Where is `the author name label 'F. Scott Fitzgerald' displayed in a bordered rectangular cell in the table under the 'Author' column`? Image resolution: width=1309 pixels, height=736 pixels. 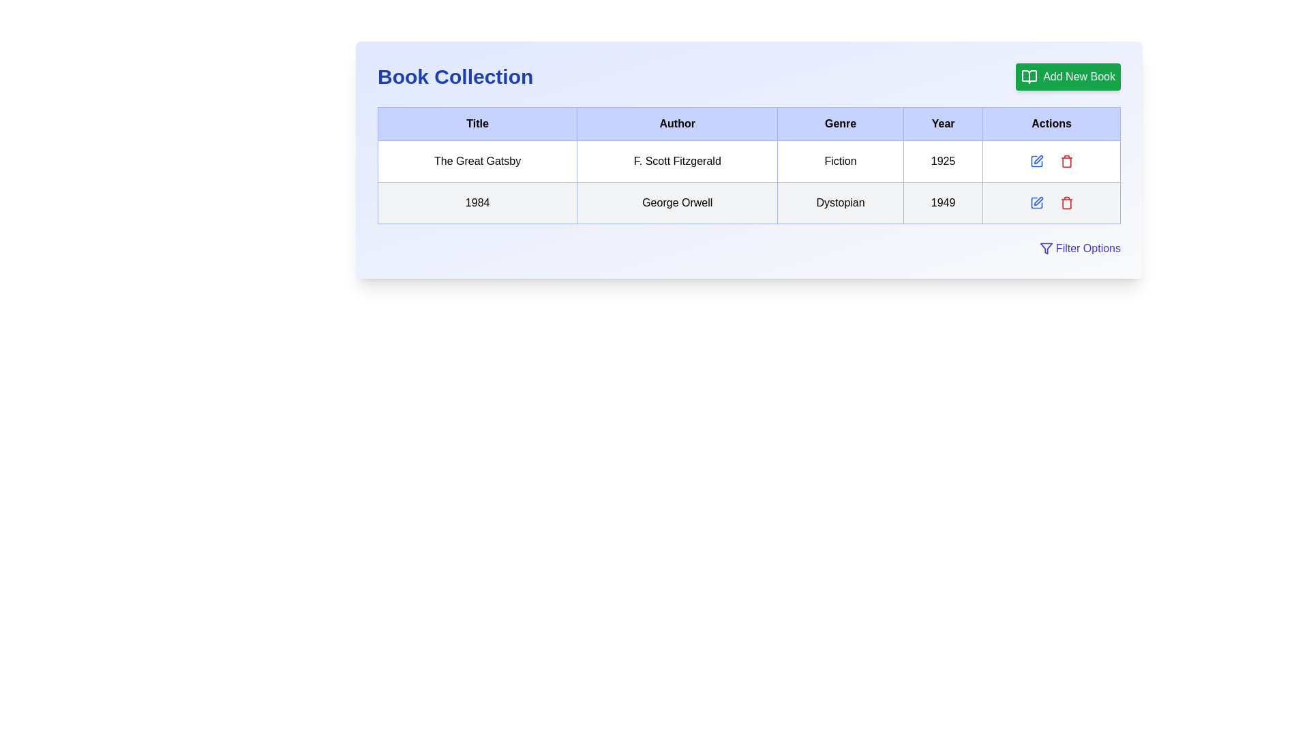 the author name label 'F. Scott Fitzgerald' displayed in a bordered rectangular cell in the table under the 'Author' column is located at coordinates (677, 160).